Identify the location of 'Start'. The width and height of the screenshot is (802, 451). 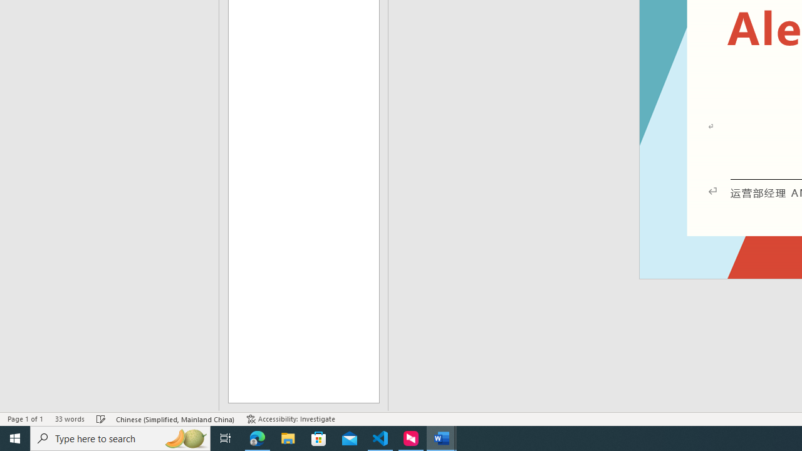
(15, 437).